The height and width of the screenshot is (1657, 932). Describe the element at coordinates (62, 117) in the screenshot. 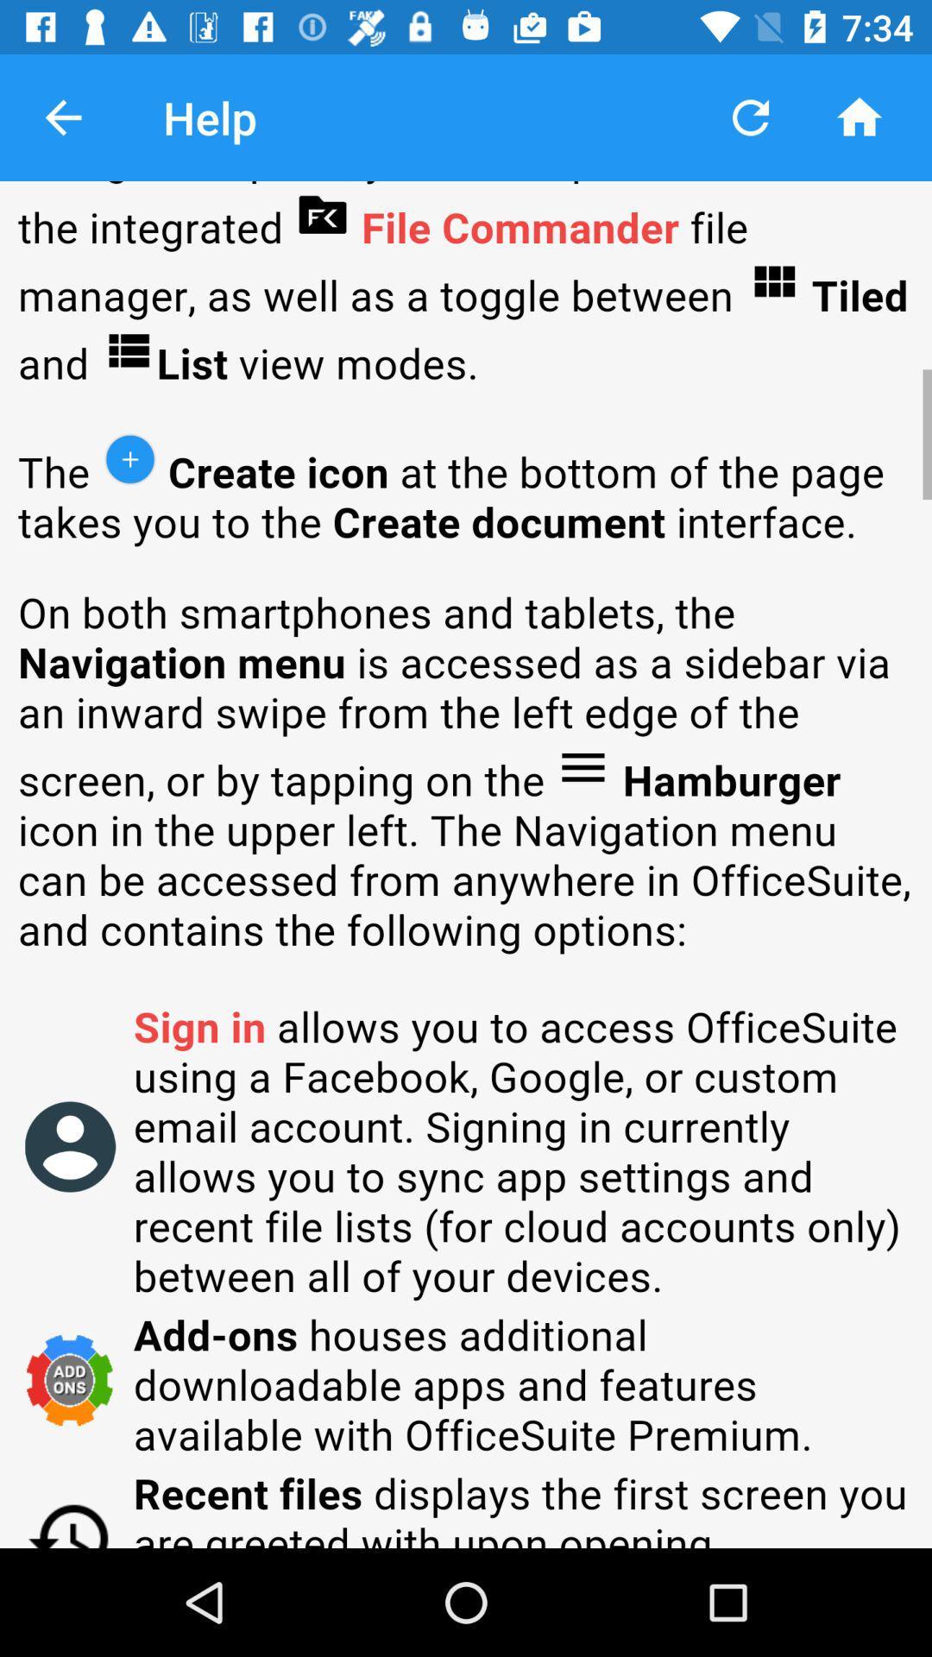

I see `go back` at that location.